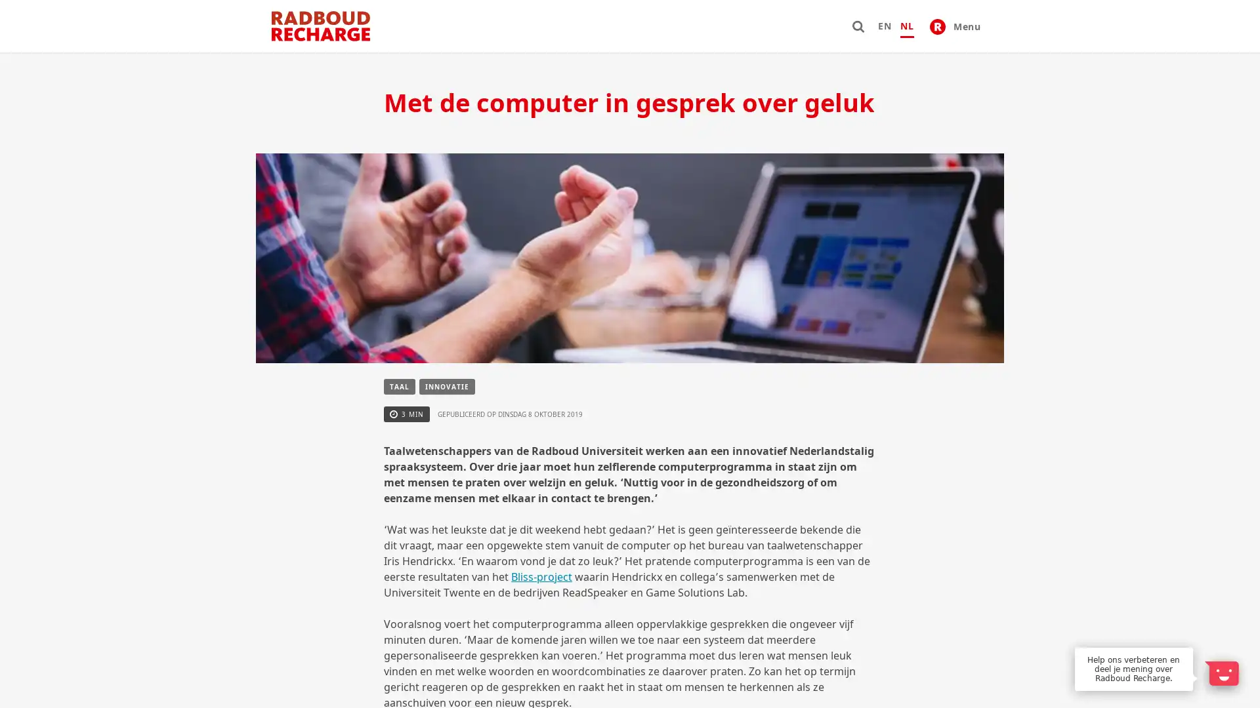 Image resolution: width=1260 pixels, height=708 pixels. Describe the element at coordinates (744, 621) in the screenshot. I see `ANNULEREN` at that location.